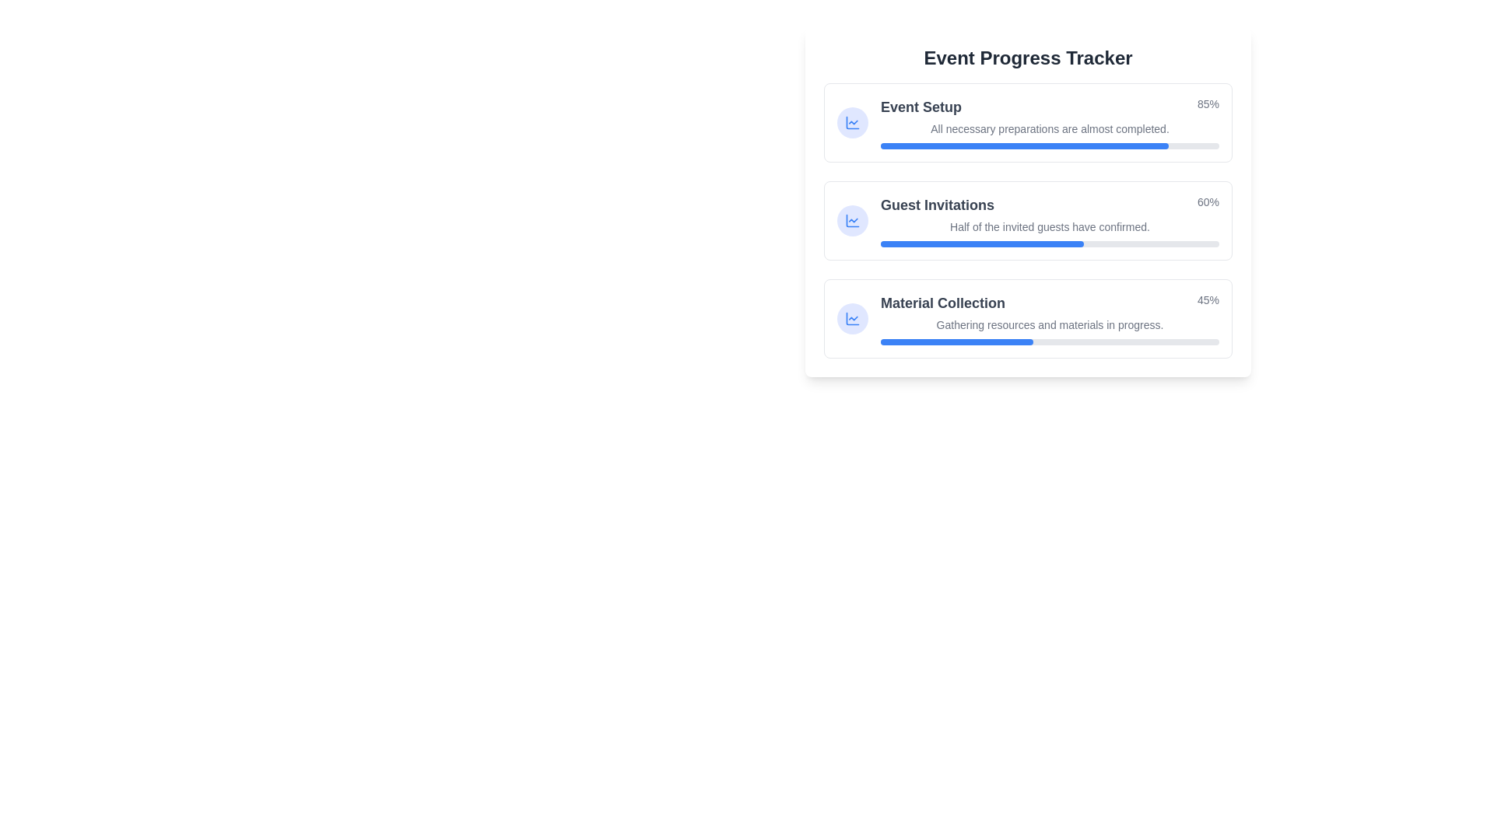 The height and width of the screenshot is (840, 1494). What do you see at coordinates (1050, 317) in the screenshot?
I see `progress percentage value displayed in the 'Material Collection' progress tracker item, which is the third component in a vertical list, located within a bordered and rounded box` at bounding box center [1050, 317].